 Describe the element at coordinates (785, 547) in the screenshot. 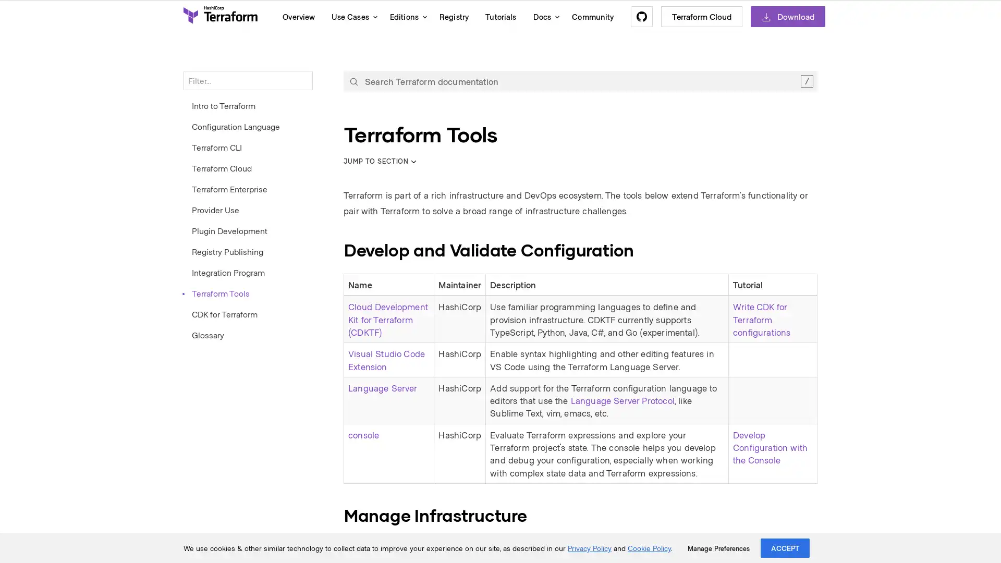

I see `ACCEPT` at that location.